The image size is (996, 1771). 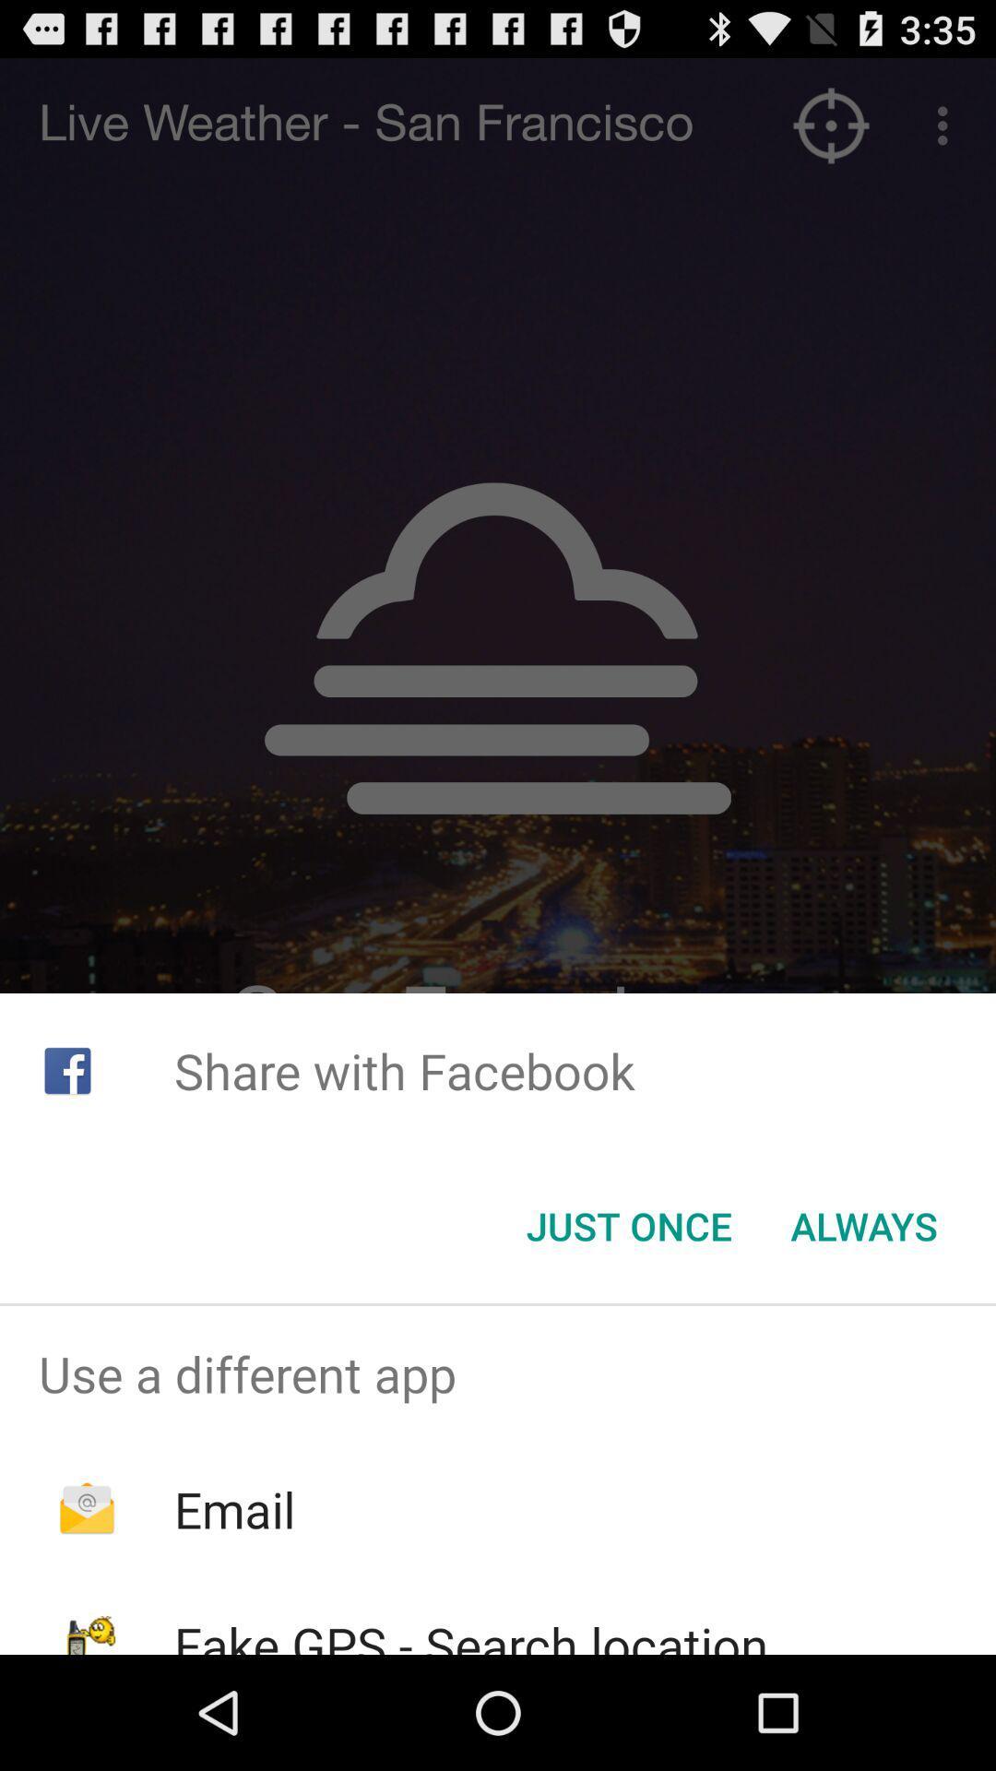 What do you see at coordinates (628, 1226) in the screenshot?
I see `button next to the always` at bounding box center [628, 1226].